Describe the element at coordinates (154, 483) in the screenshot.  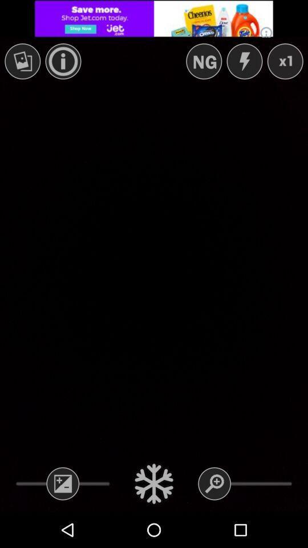
I see `the settings icon` at that location.